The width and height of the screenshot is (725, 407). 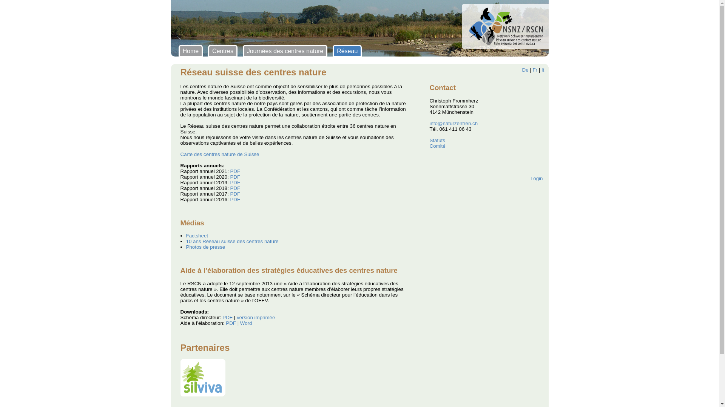 I want to click on 'Centres', so click(x=208, y=51).